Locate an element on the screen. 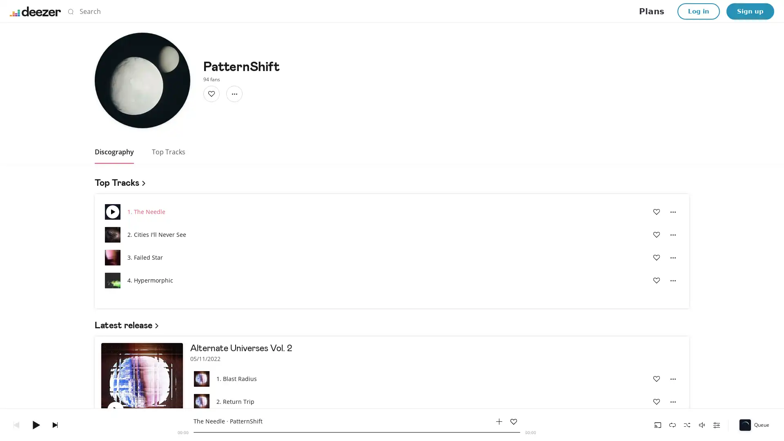 The image size is (784, 441). Add to Favorite tracks is located at coordinates (657, 401).